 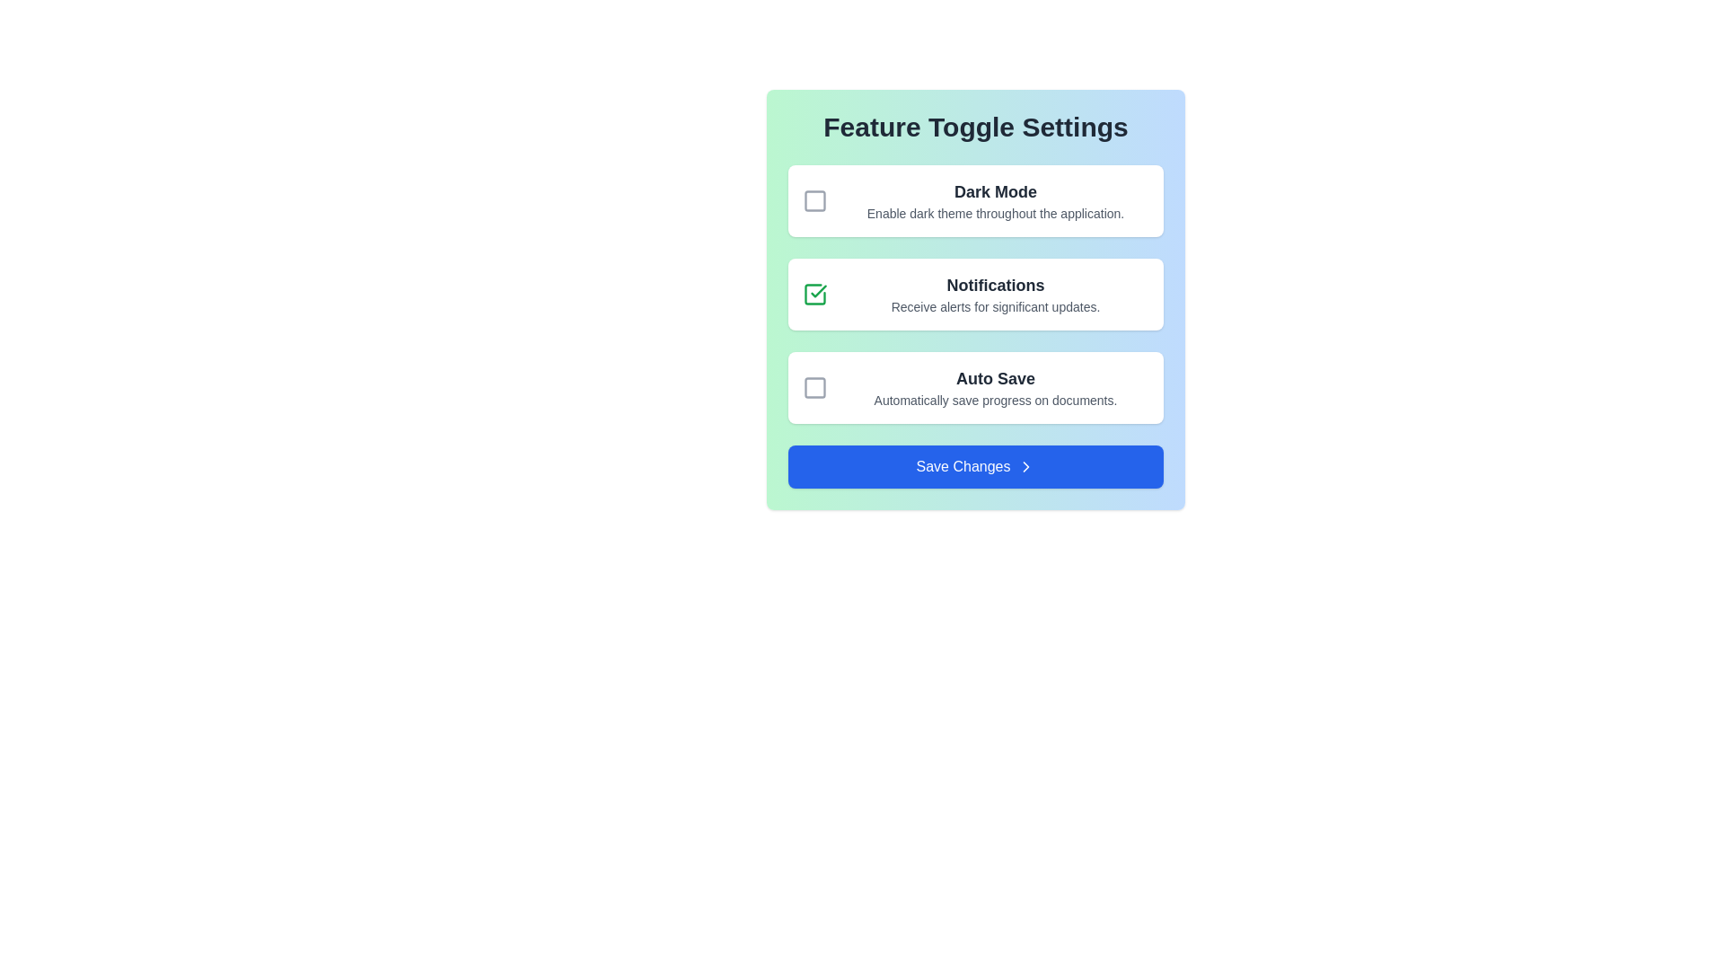 I want to click on the centrally aligned text label that serves as the title for the 'Auto Save' feature, which informs users about the functionality of the associated toggle option, so click(x=994, y=377).